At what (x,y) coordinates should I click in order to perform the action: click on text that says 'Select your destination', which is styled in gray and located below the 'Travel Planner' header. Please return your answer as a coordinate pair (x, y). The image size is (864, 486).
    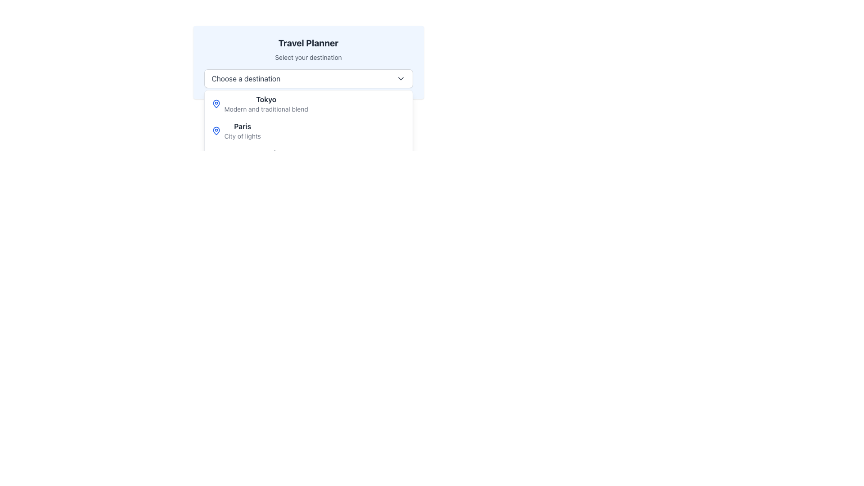
    Looking at the image, I should click on (308, 57).